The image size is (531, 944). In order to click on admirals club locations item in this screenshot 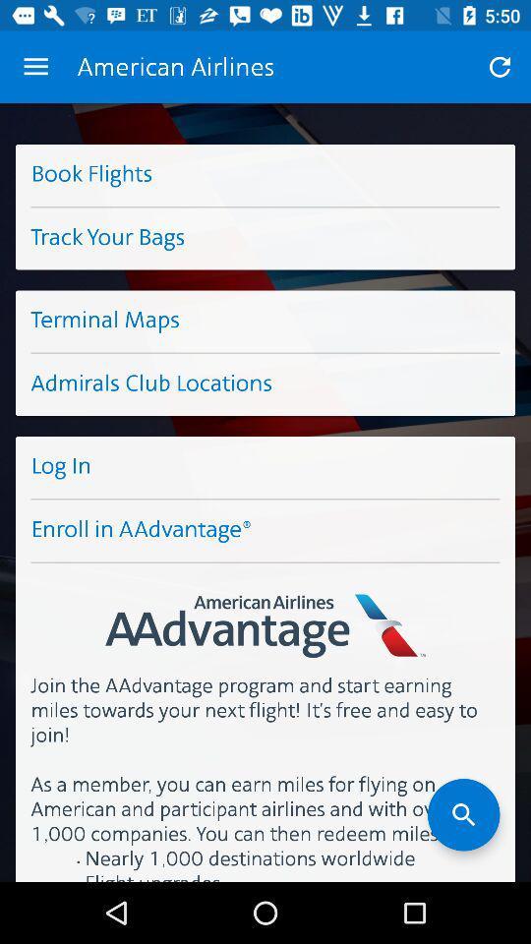, I will do `click(265, 383)`.